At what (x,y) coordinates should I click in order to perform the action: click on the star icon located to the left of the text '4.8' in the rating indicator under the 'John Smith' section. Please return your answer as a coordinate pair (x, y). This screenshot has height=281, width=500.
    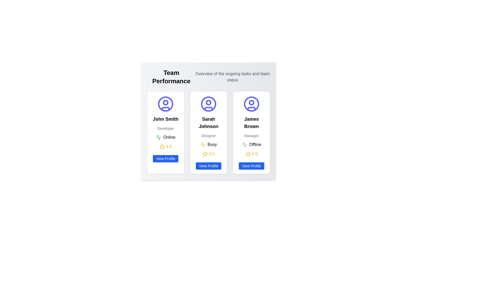
    Looking at the image, I should click on (162, 146).